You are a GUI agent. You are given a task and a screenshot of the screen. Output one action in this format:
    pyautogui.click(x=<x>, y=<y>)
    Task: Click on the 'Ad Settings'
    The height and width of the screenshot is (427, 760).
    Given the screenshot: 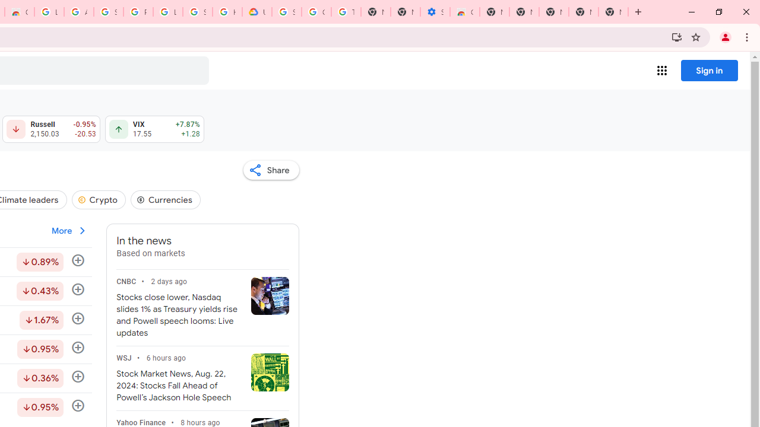 What is the action you would take?
    pyautogui.click(x=78, y=12)
    